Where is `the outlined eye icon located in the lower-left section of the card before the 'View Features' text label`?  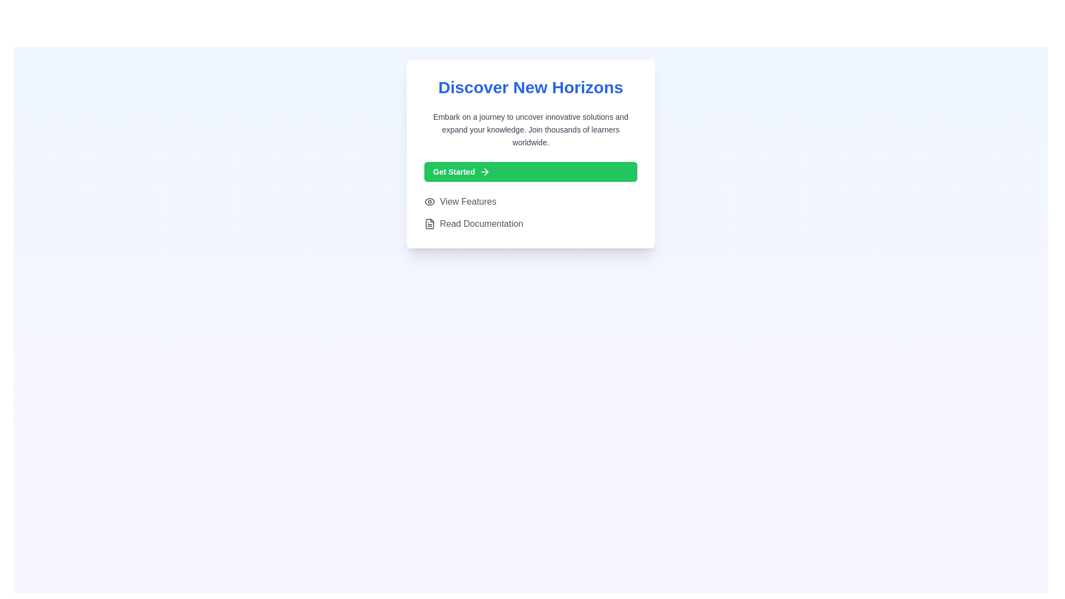
the outlined eye icon located in the lower-left section of the card before the 'View Features' text label is located at coordinates (429, 201).